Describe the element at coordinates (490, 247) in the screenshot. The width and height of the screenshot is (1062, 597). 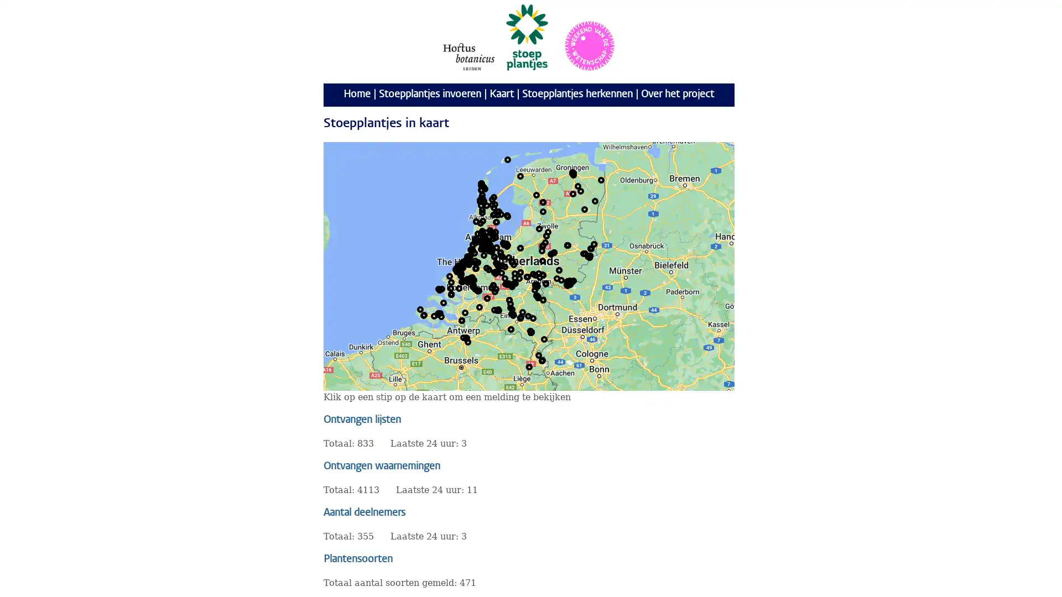
I see `Telling van op 16 oktober 2021` at that location.